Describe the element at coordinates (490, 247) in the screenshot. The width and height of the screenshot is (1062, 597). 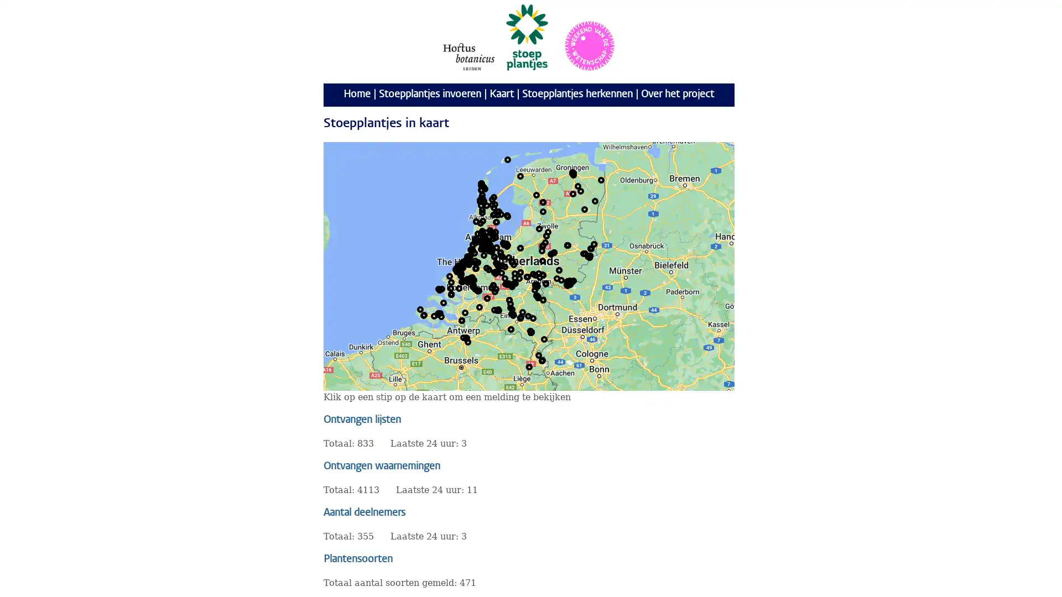
I see `Telling van op 16 oktober 2021` at that location.